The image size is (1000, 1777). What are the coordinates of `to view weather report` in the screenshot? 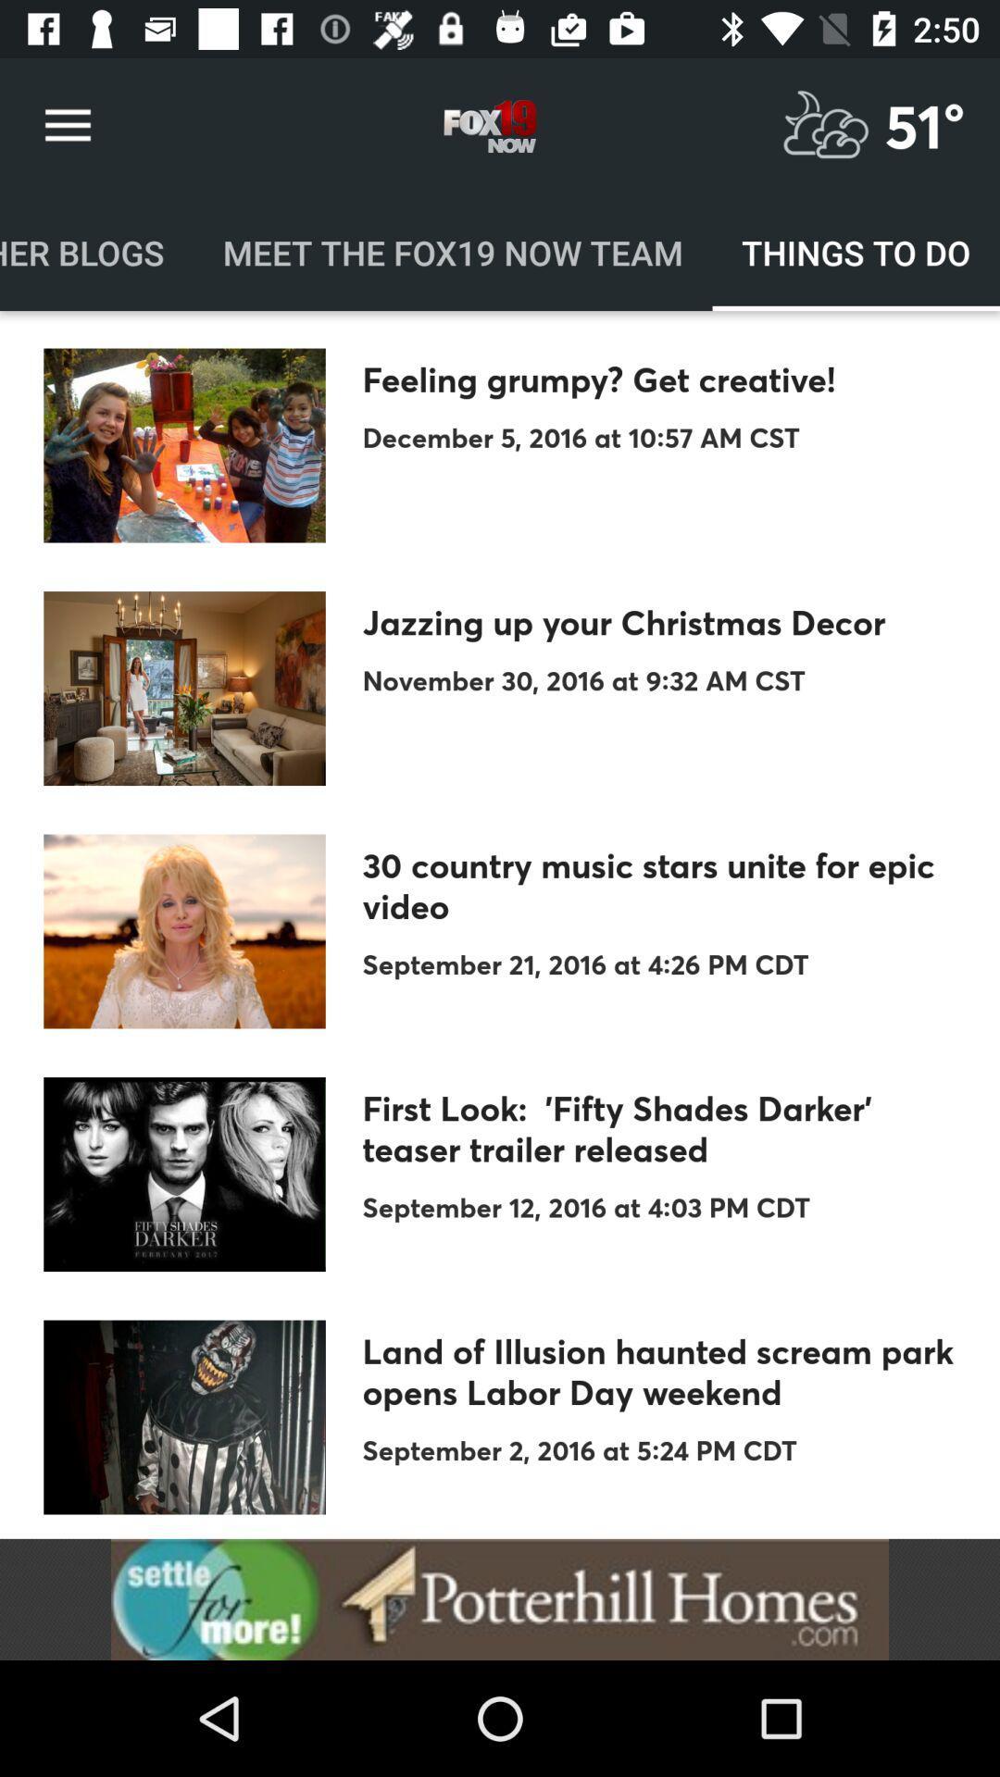 It's located at (825, 125).